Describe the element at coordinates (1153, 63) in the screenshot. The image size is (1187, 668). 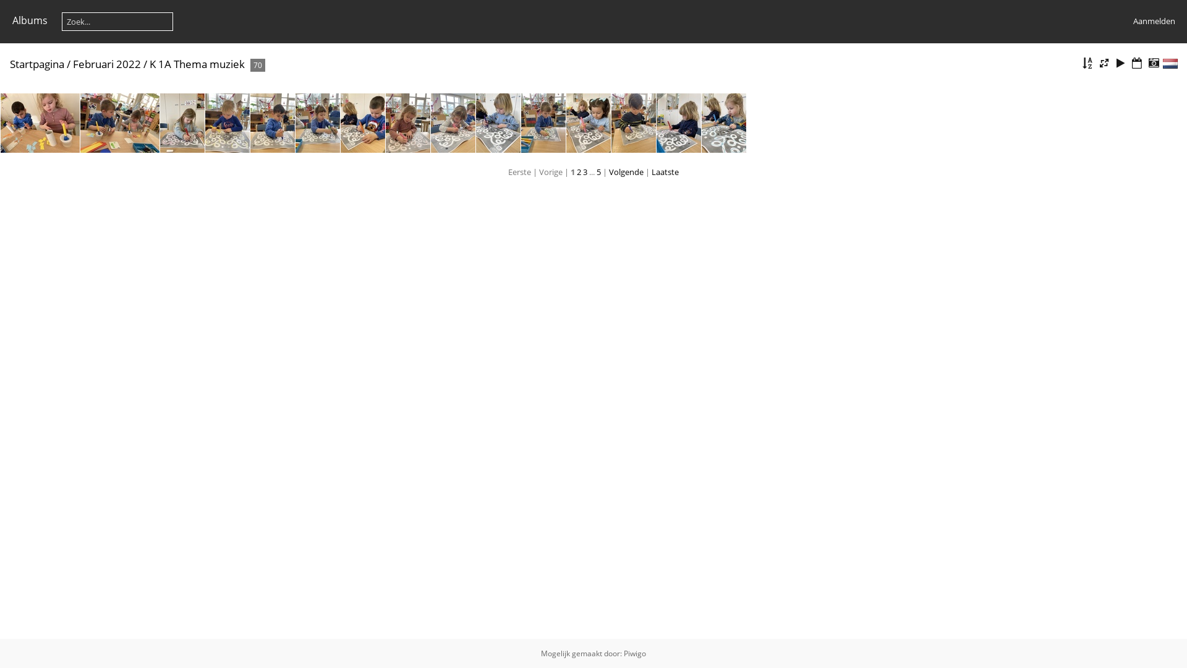
I see `'Toon een kalender, ingedeeld op aanmaakdatum'` at that location.